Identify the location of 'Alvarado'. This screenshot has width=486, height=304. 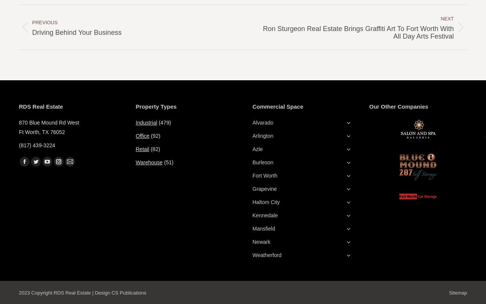
(263, 122).